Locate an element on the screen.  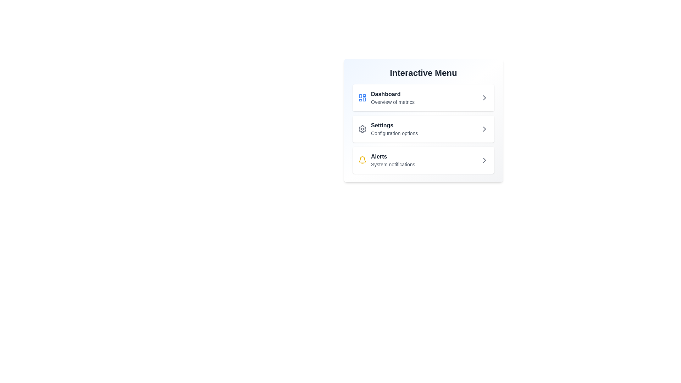
the third rectangular icon in the grid layout located in the bottom-right corner above the 'Dashboard' text is located at coordinates (364, 99).